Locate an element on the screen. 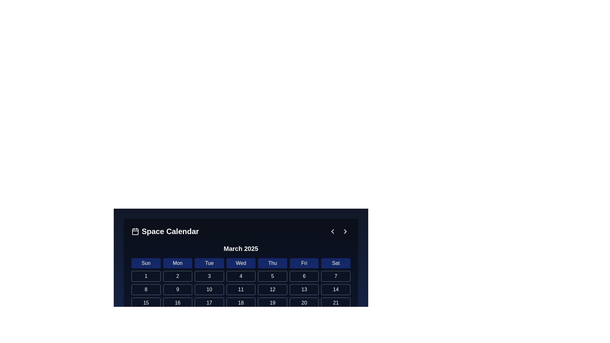 The width and height of the screenshot is (610, 343). the navigation button located in the top-right corner of the calendar interface to advance to the next month is located at coordinates (345, 232).